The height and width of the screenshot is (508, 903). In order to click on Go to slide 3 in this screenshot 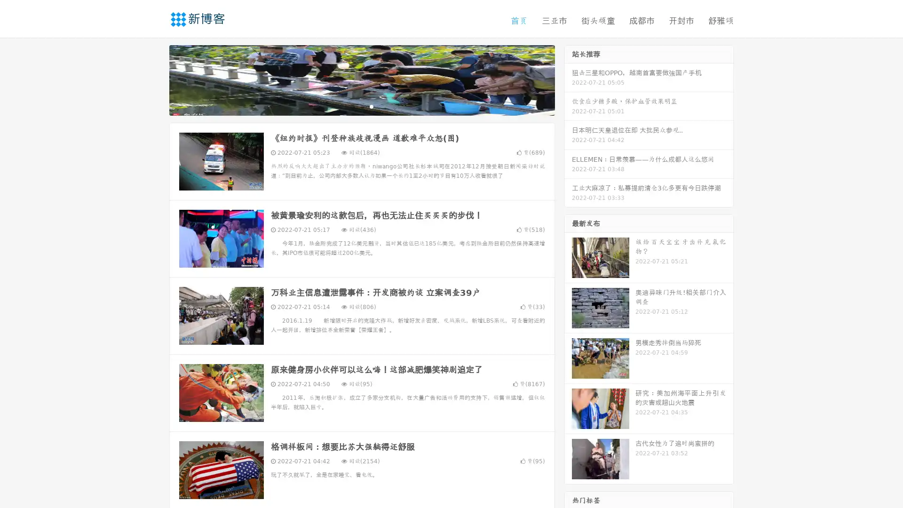, I will do `click(371, 106)`.